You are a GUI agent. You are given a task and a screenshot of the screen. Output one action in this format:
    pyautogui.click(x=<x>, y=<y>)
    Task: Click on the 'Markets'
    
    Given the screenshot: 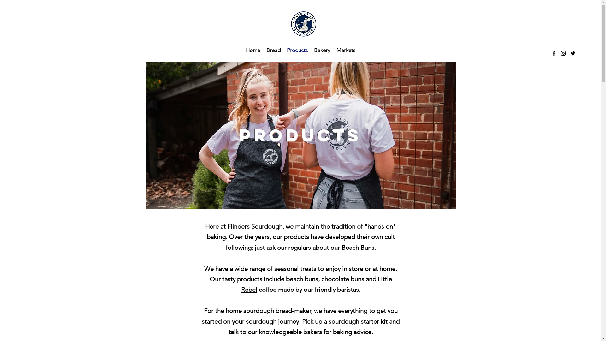 What is the action you would take?
    pyautogui.click(x=345, y=50)
    